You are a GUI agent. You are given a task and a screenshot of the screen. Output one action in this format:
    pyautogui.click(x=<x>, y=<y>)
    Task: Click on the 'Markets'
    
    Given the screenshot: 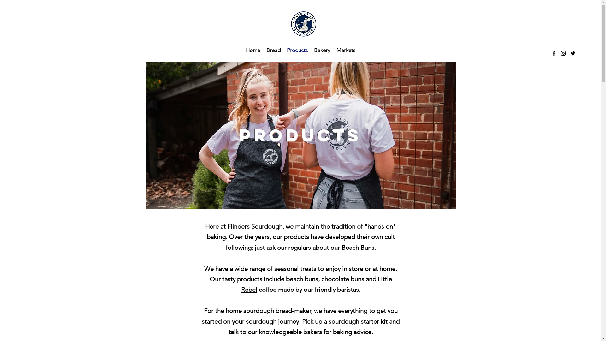 What is the action you would take?
    pyautogui.click(x=345, y=50)
    